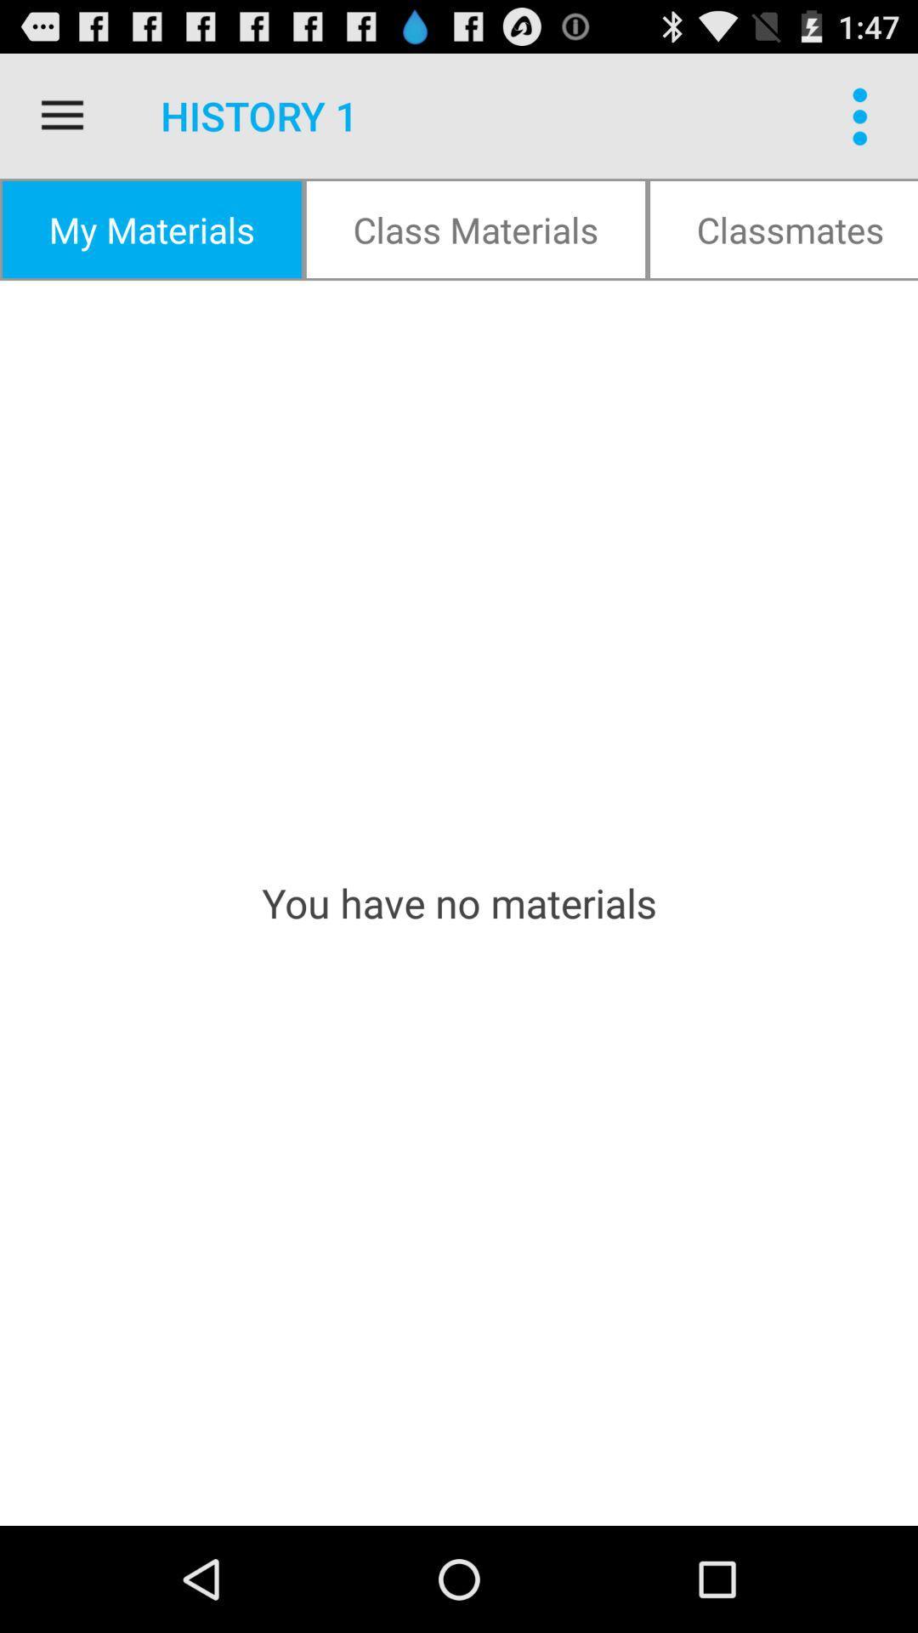 The image size is (918, 1633). What do you see at coordinates (150, 228) in the screenshot?
I see `my materials item` at bounding box center [150, 228].